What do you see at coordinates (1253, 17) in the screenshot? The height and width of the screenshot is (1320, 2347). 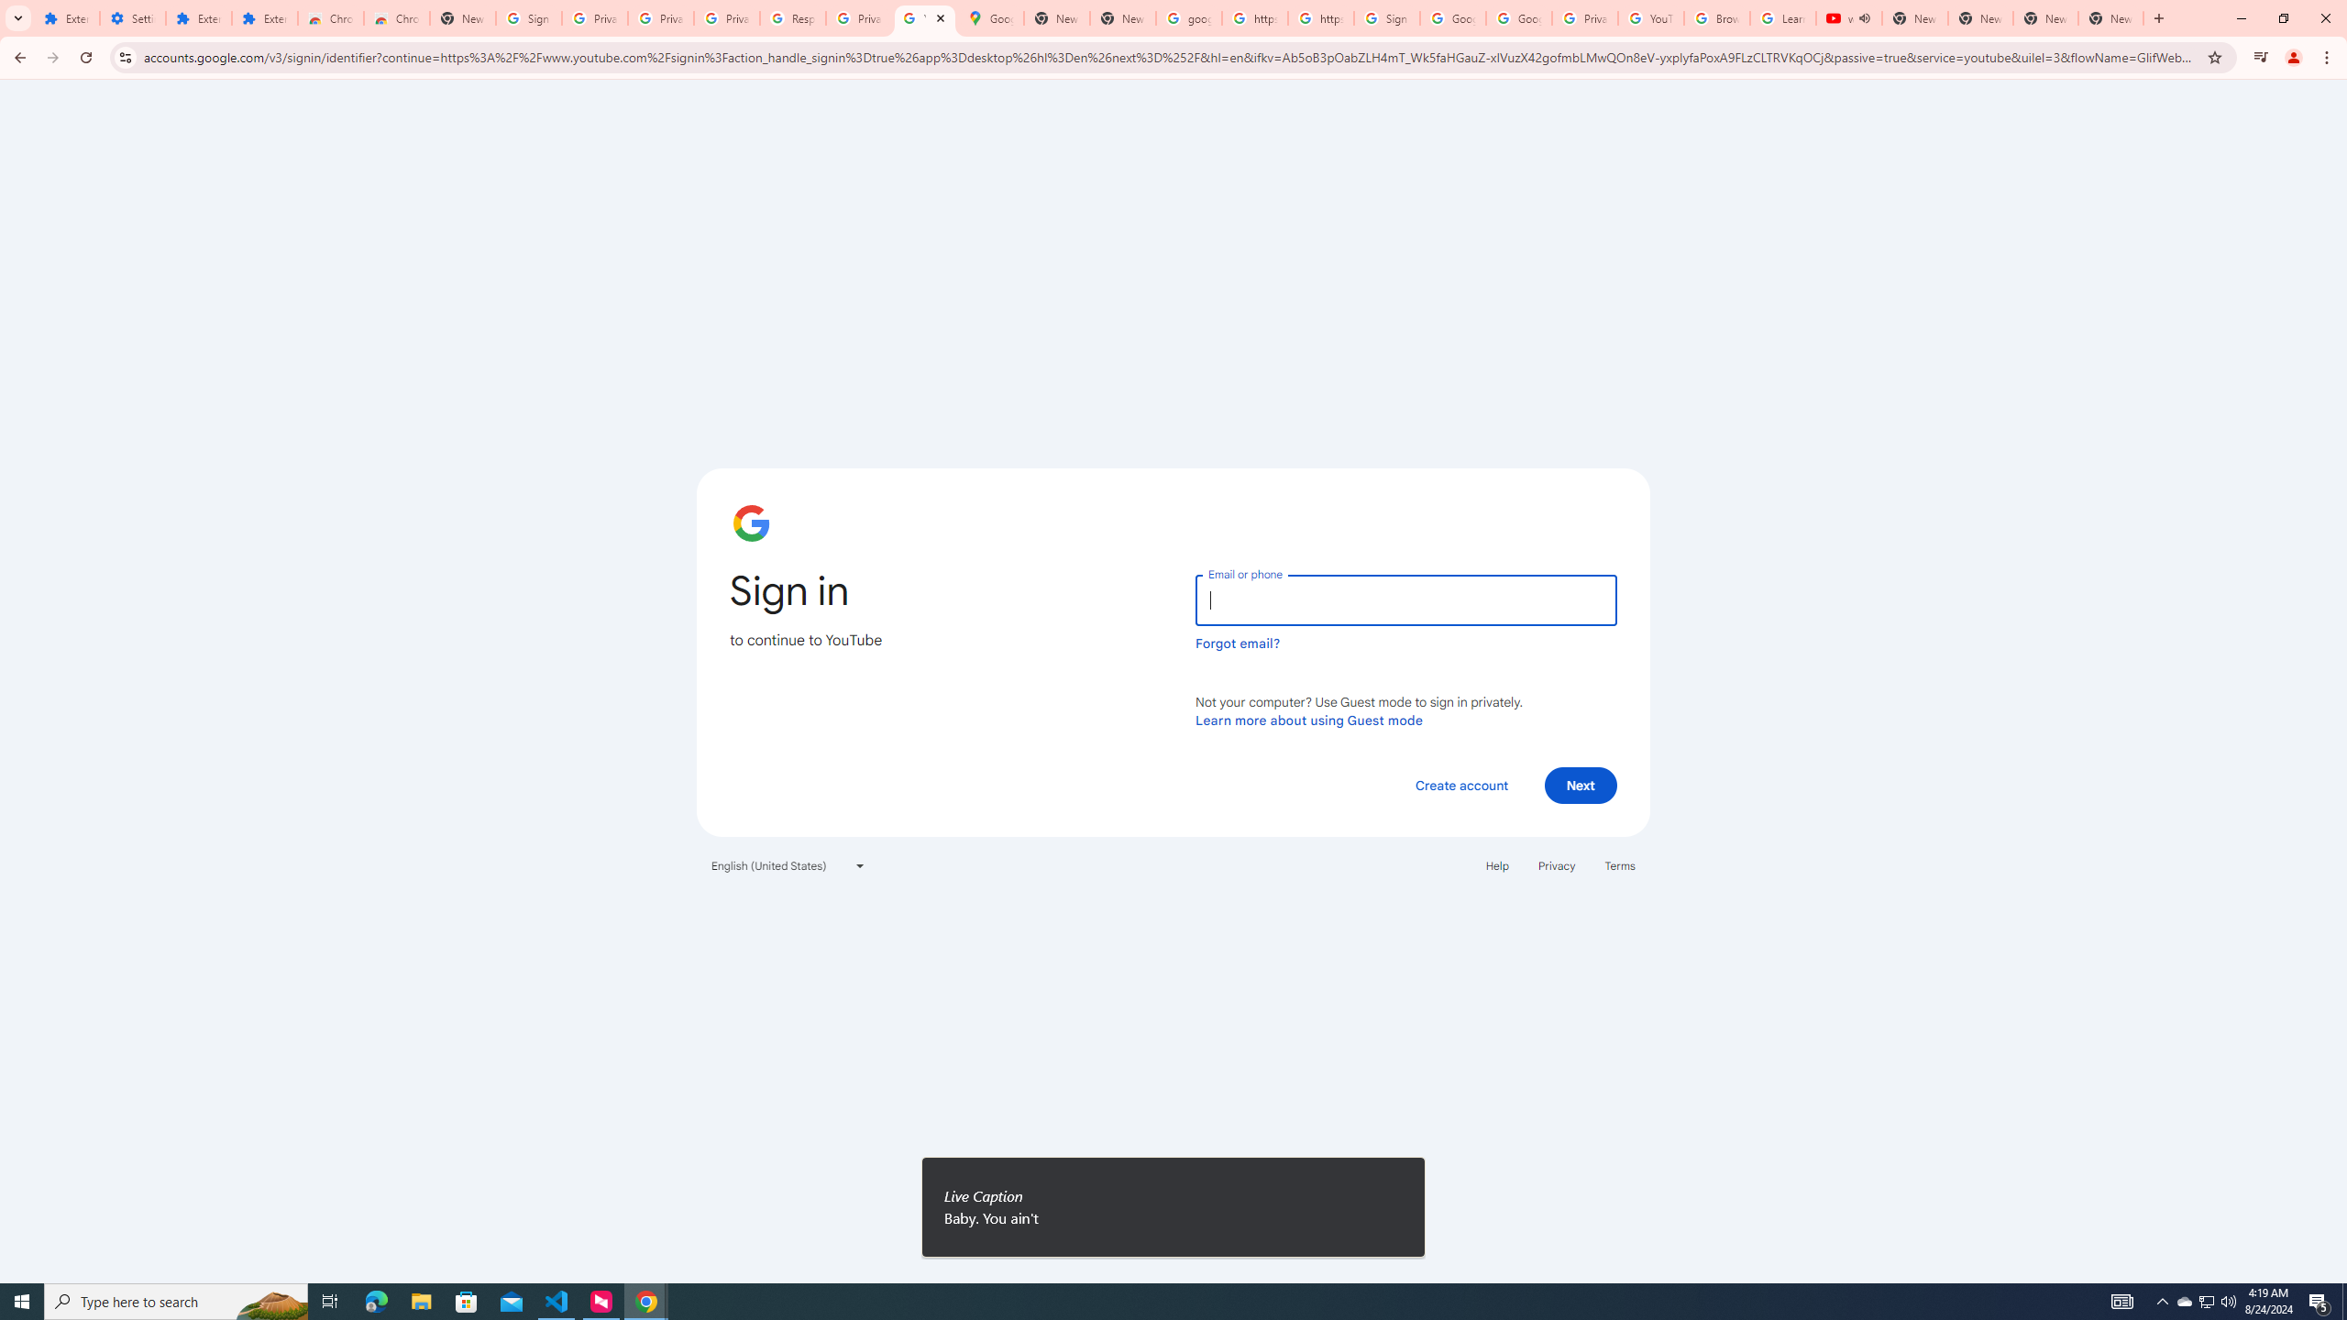 I see `'https://scholar.google.com/'` at bounding box center [1253, 17].